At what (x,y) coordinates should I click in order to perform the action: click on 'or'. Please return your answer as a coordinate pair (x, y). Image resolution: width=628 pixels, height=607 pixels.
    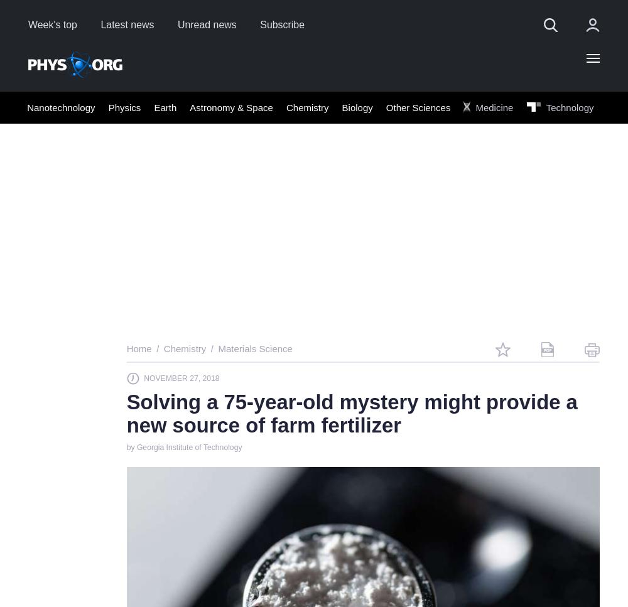
    Looking at the image, I should click on (502, 219).